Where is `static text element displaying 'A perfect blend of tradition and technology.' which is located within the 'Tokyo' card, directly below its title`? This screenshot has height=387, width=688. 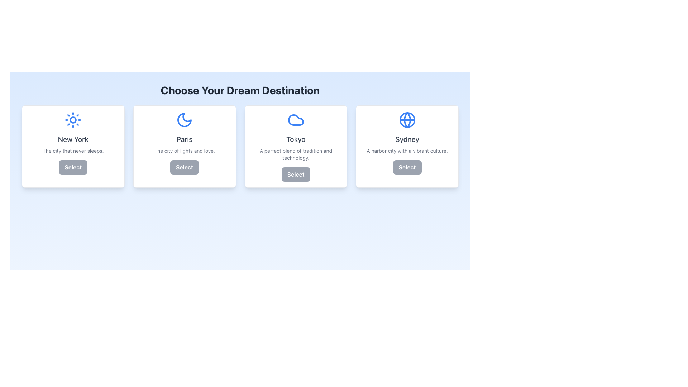
static text element displaying 'A perfect blend of tradition and technology.' which is located within the 'Tokyo' card, directly below its title is located at coordinates (296, 154).